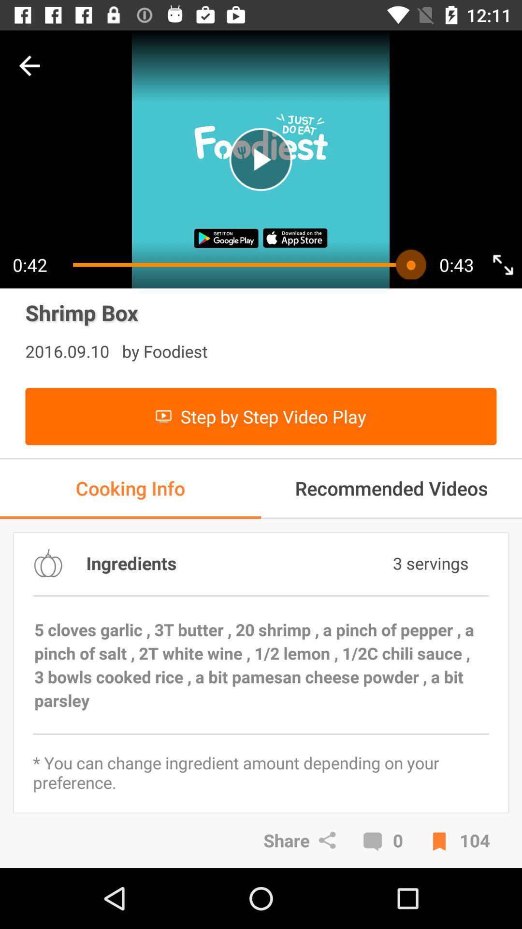  Describe the element at coordinates (260, 159) in the screenshot. I see `button` at that location.